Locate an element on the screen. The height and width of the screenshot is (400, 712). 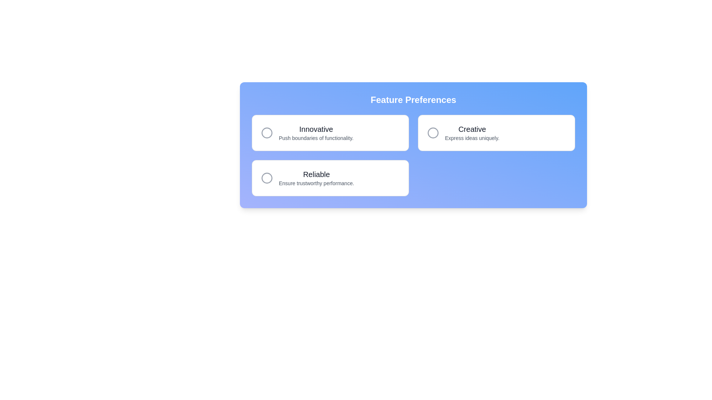
text label displaying the word 'Innovative' in bold, black text, which is positioned above a smaller descriptive text block in the top-left quadrant of the blue card labeled 'Feature Preferences' is located at coordinates (316, 129).